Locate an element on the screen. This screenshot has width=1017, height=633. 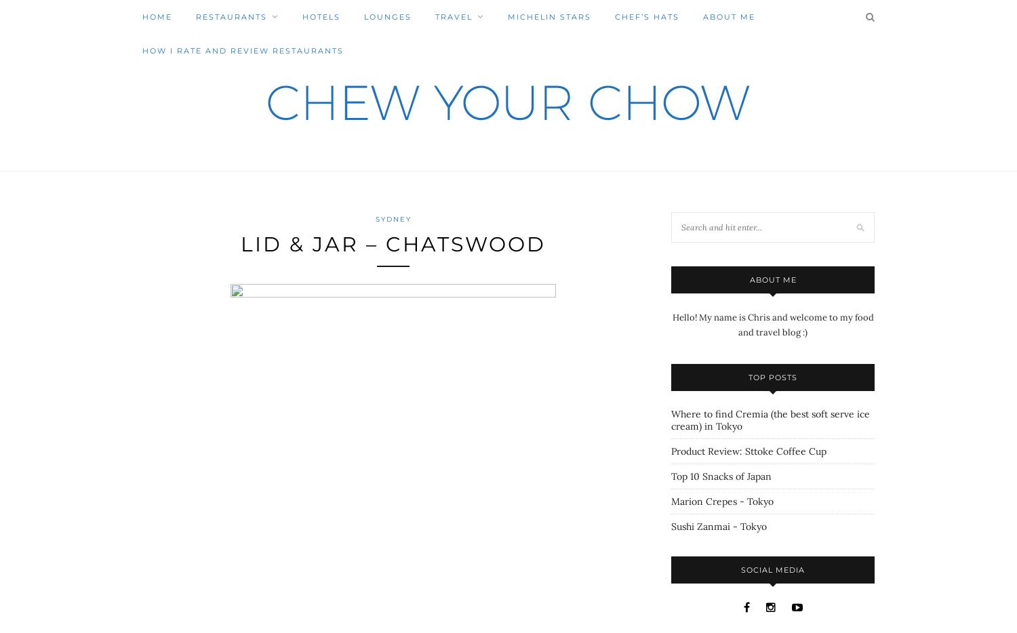
'Social Media' is located at coordinates (773, 569).